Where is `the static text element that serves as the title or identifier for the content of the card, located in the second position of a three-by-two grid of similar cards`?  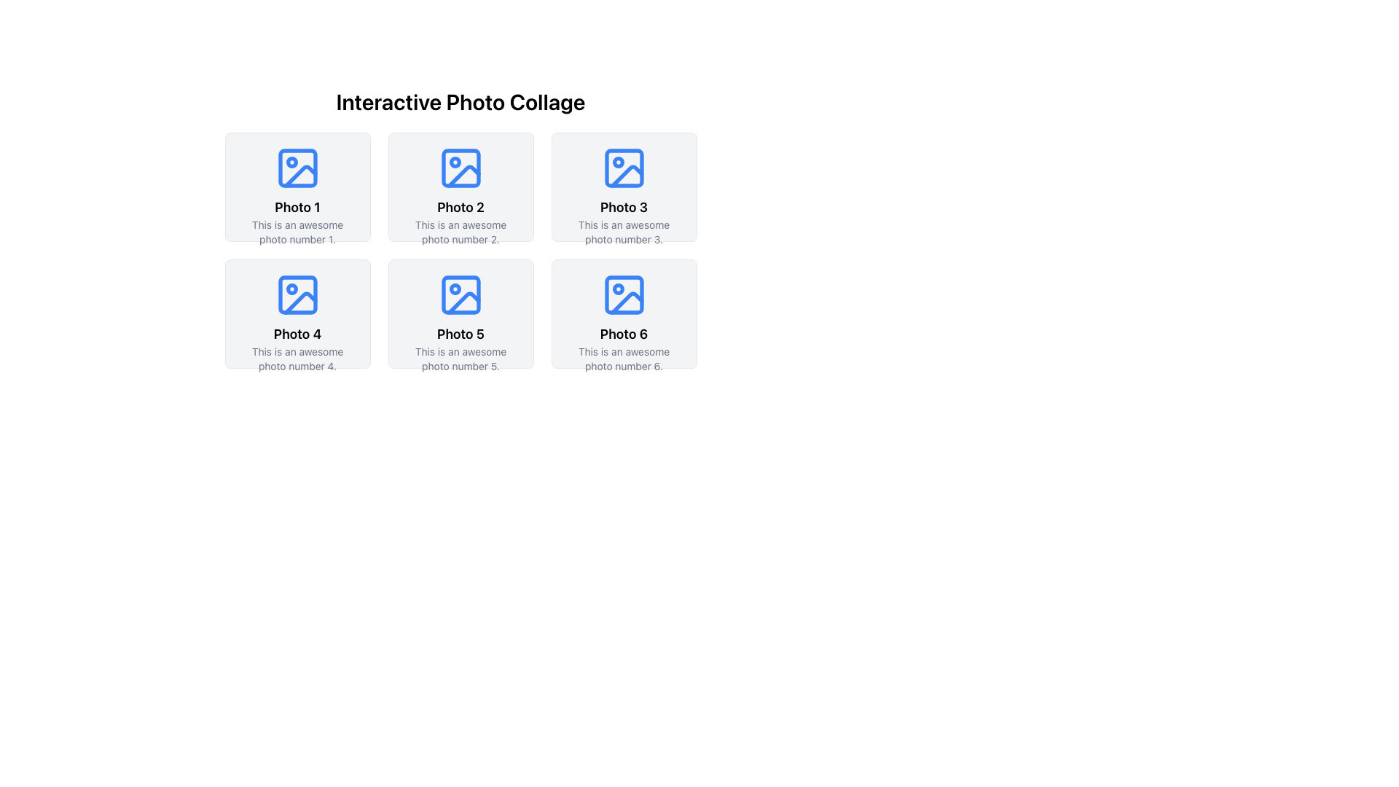 the static text element that serves as the title or identifier for the content of the card, located in the second position of a three-by-two grid of similar cards is located at coordinates (460, 208).